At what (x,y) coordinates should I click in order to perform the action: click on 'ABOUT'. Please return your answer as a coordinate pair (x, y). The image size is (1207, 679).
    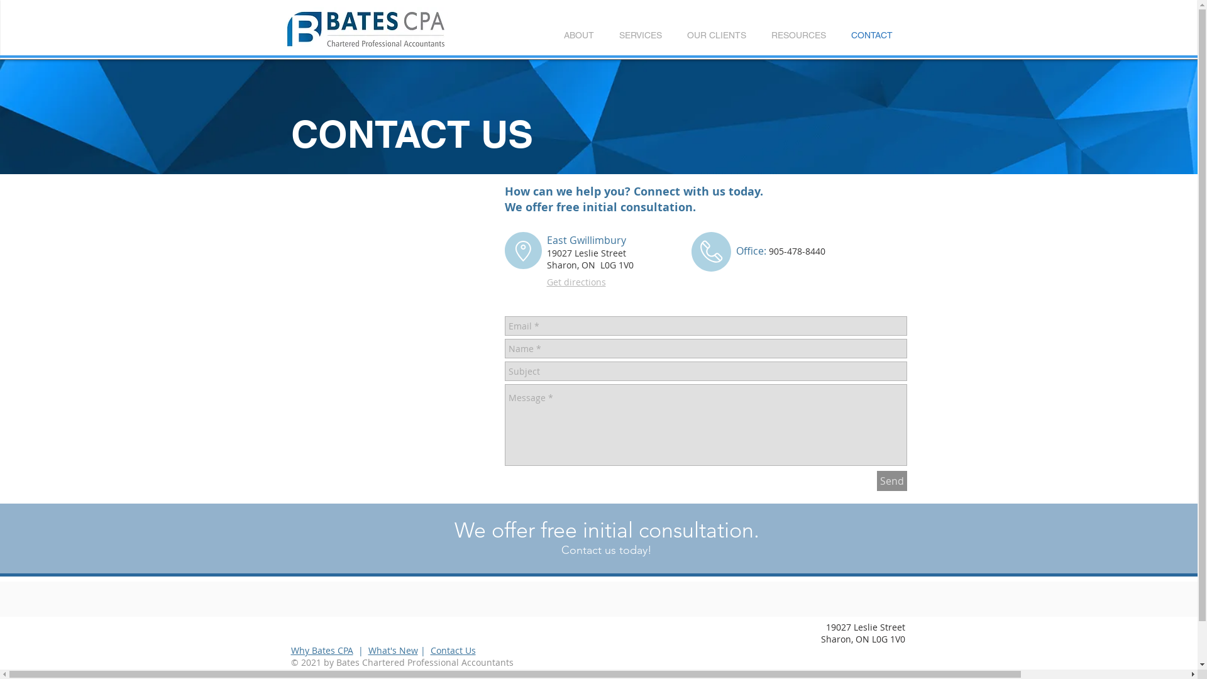
    Looking at the image, I should click on (578, 35).